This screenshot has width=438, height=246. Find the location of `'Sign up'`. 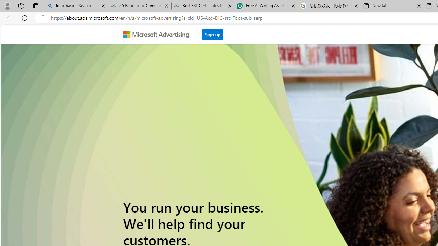

'Sign up' is located at coordinates (212, 34).